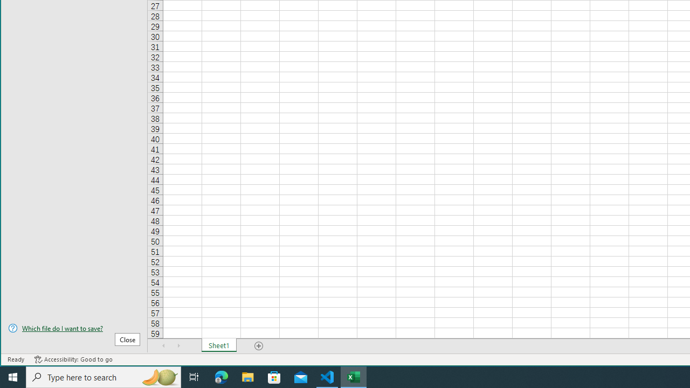  I want to click on 'Sheet1', so click(218, 345).